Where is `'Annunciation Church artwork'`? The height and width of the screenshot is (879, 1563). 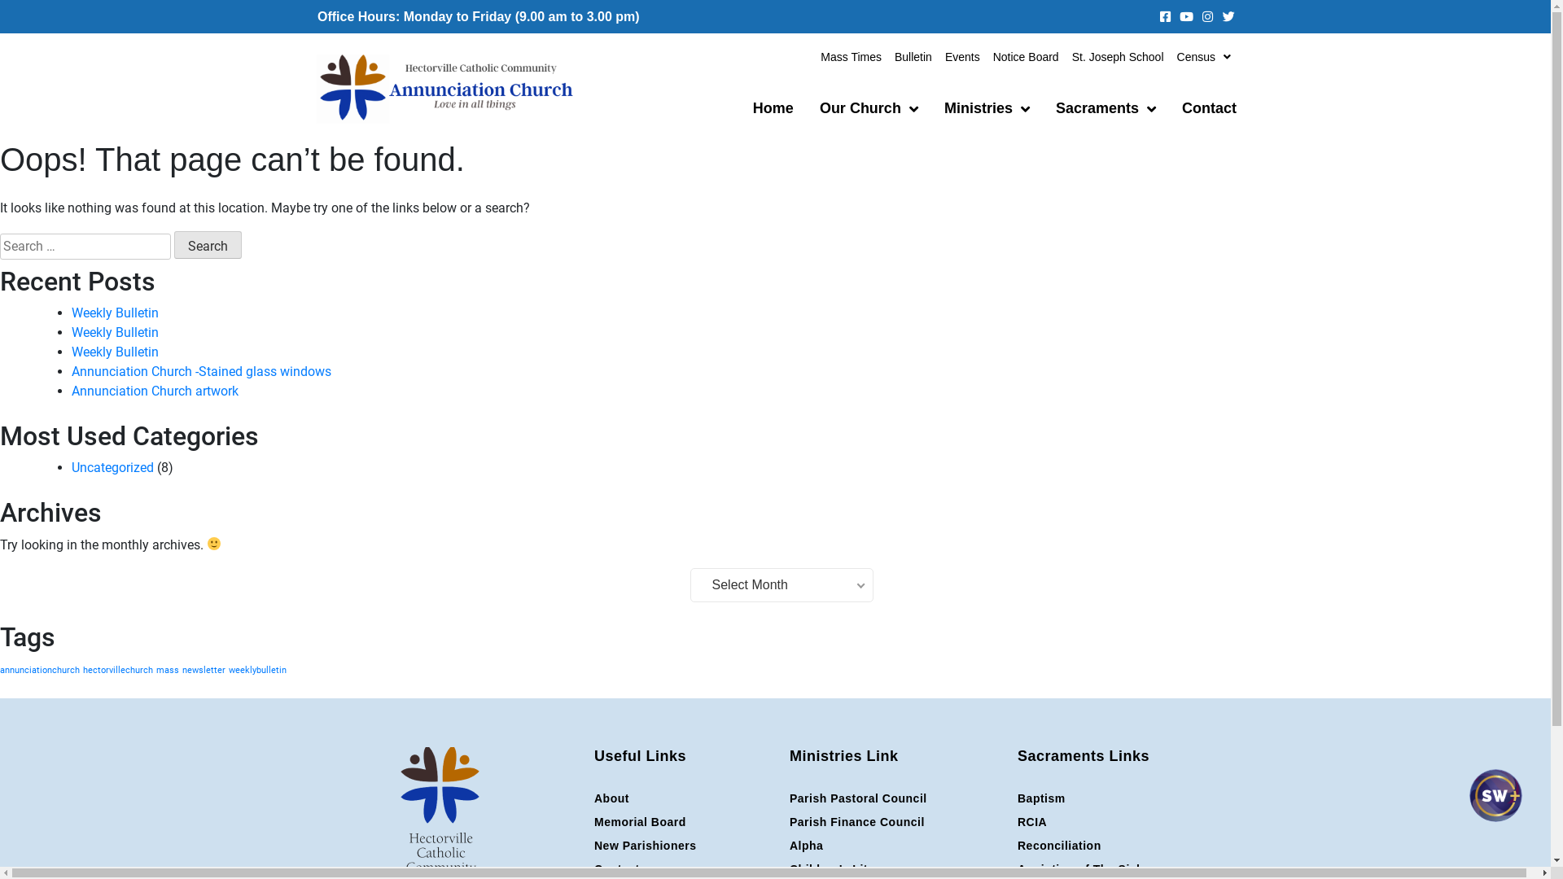 'Annunciation Church artwork' is located at coordinates (155, 391).